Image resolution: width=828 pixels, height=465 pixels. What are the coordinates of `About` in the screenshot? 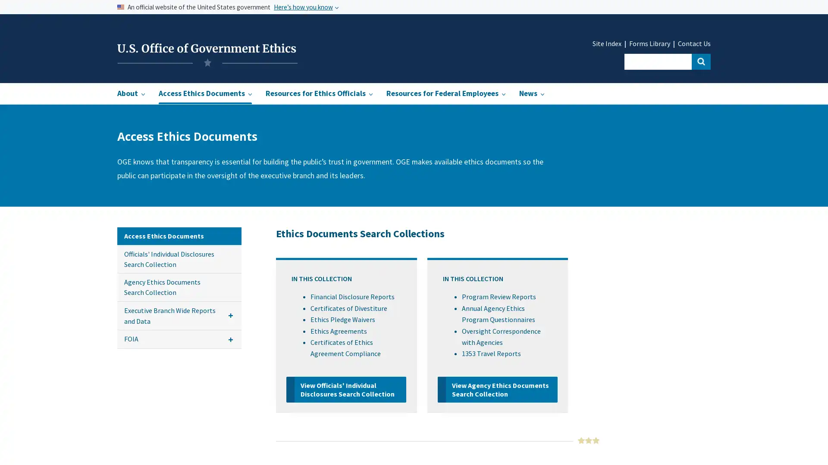 It's located at (130, 93).